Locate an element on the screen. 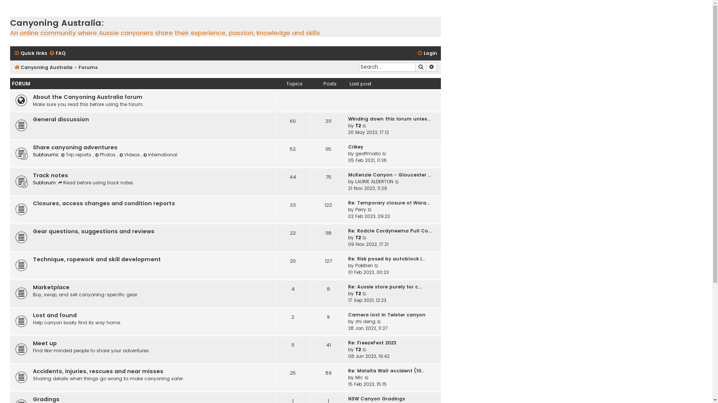 The image size is (718, 403). 'Crikey' is located at coordinates (348, 147).